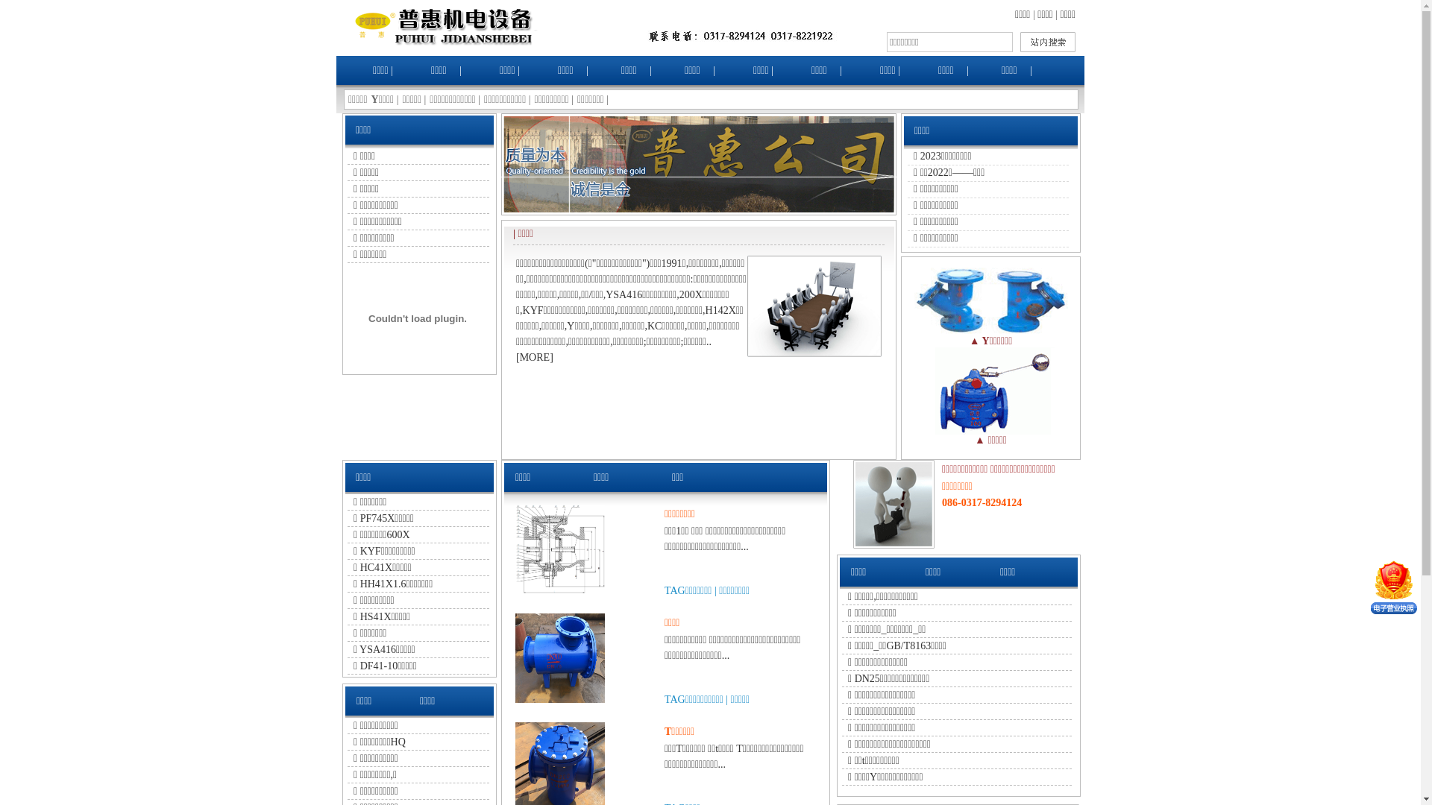 The image size is (1432, 805). What do you see at coordinates (534, 357) in the screenshot?
I see `'MORE'` at bounding box center [534, 357].